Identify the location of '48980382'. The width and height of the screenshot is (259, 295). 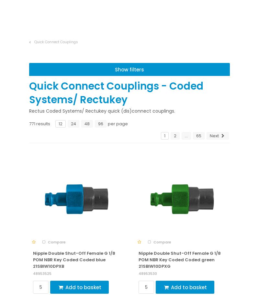
(139, 54).